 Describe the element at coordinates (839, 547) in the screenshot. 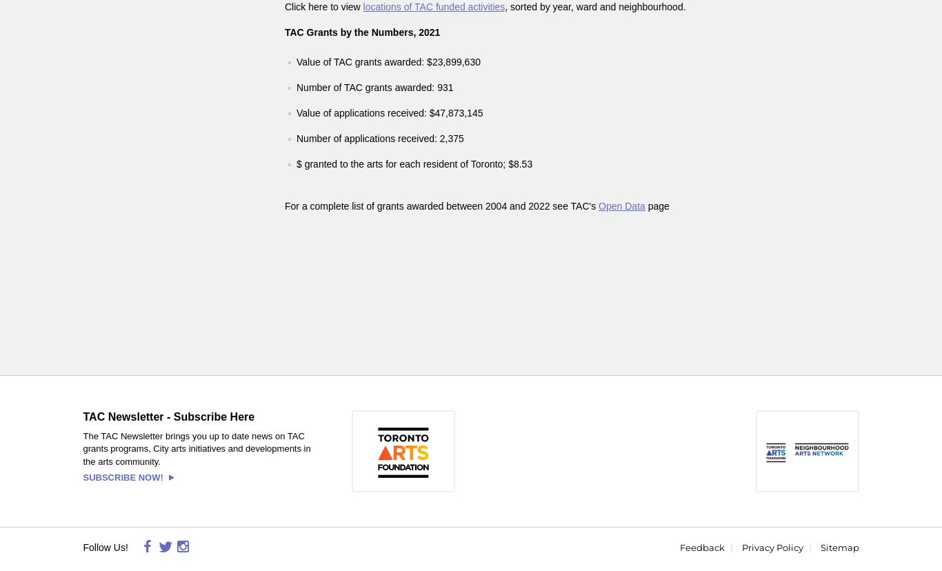

I see `'Sitemap'` at that location.